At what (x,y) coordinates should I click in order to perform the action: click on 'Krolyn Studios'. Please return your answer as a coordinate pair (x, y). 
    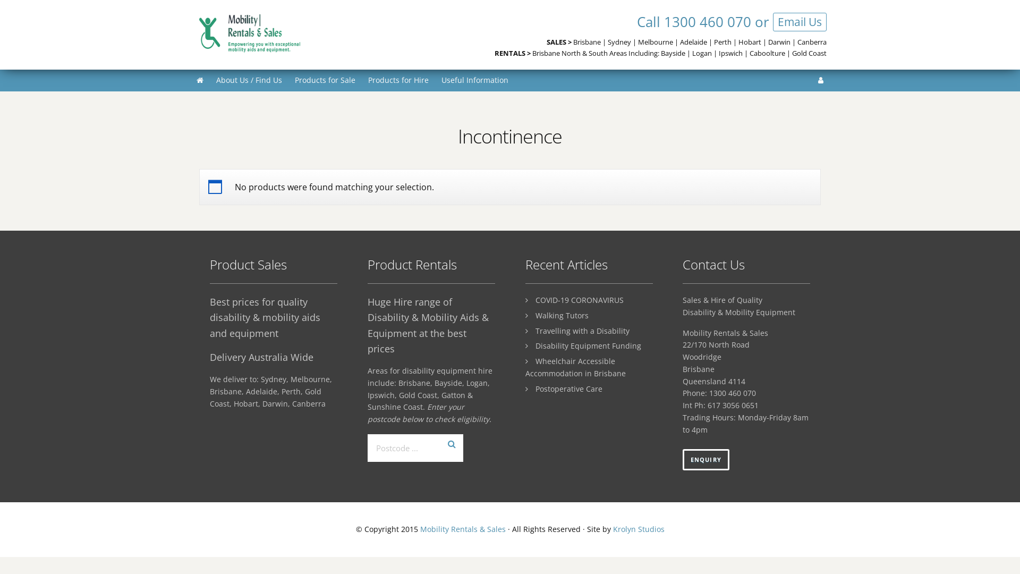
    Looking at the image, I should click on (638, 529).